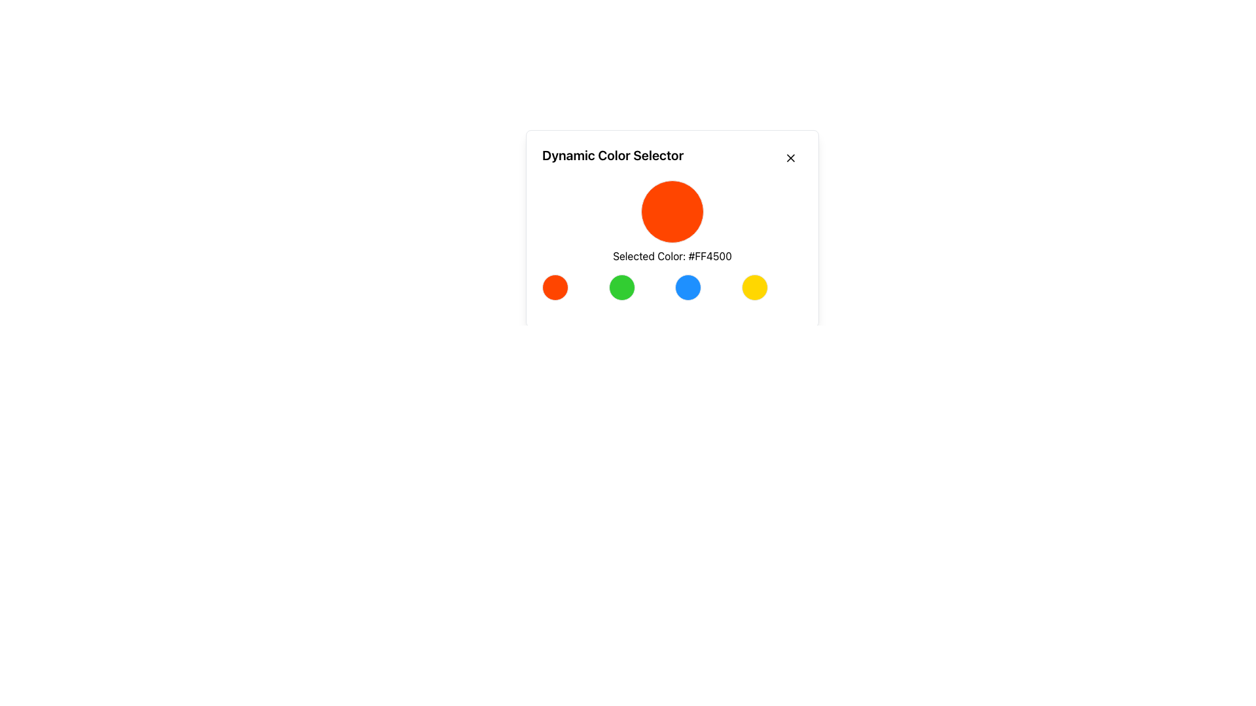 Image resolution: width=1256 pixels, height=706 pixels. What do you see at coordinates (687, 286) in the screenshot?
I see `the third circular button representing the color blue in the Dynamic Color Selector interface` at bounding box center [687, 286].